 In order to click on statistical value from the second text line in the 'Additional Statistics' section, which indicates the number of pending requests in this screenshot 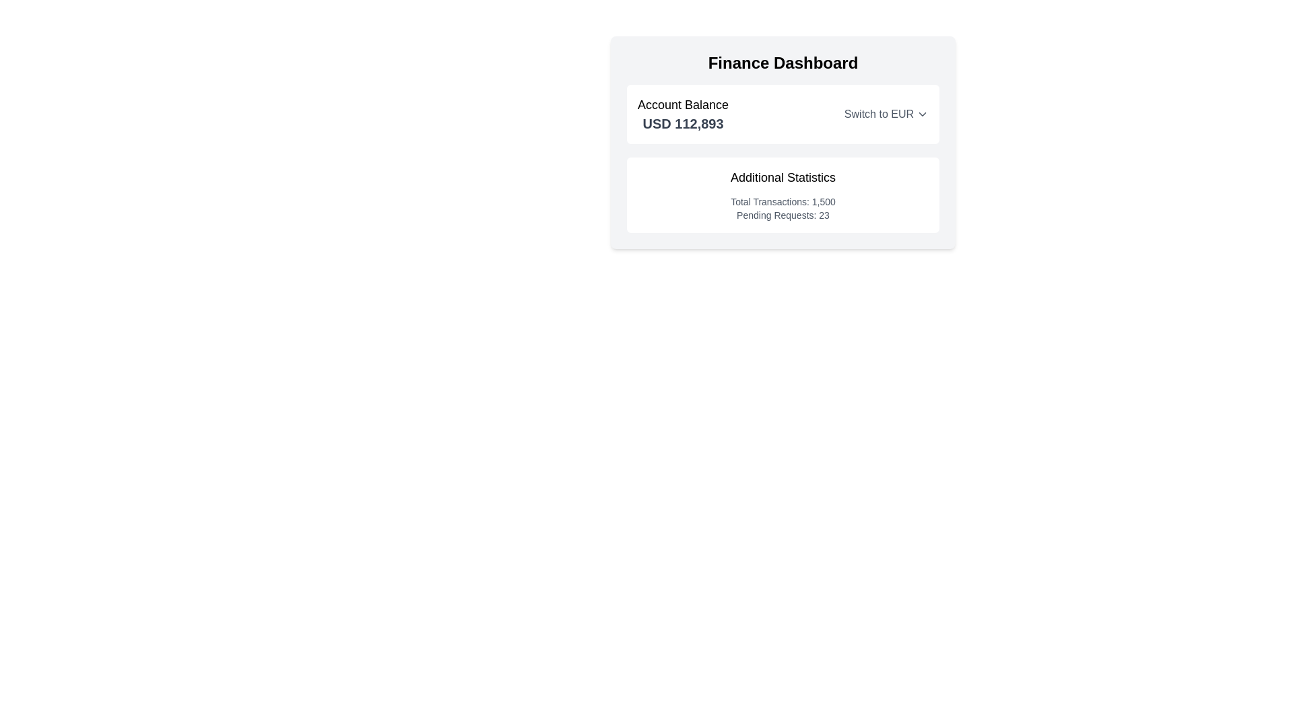, I will do `click(783, 215)`.